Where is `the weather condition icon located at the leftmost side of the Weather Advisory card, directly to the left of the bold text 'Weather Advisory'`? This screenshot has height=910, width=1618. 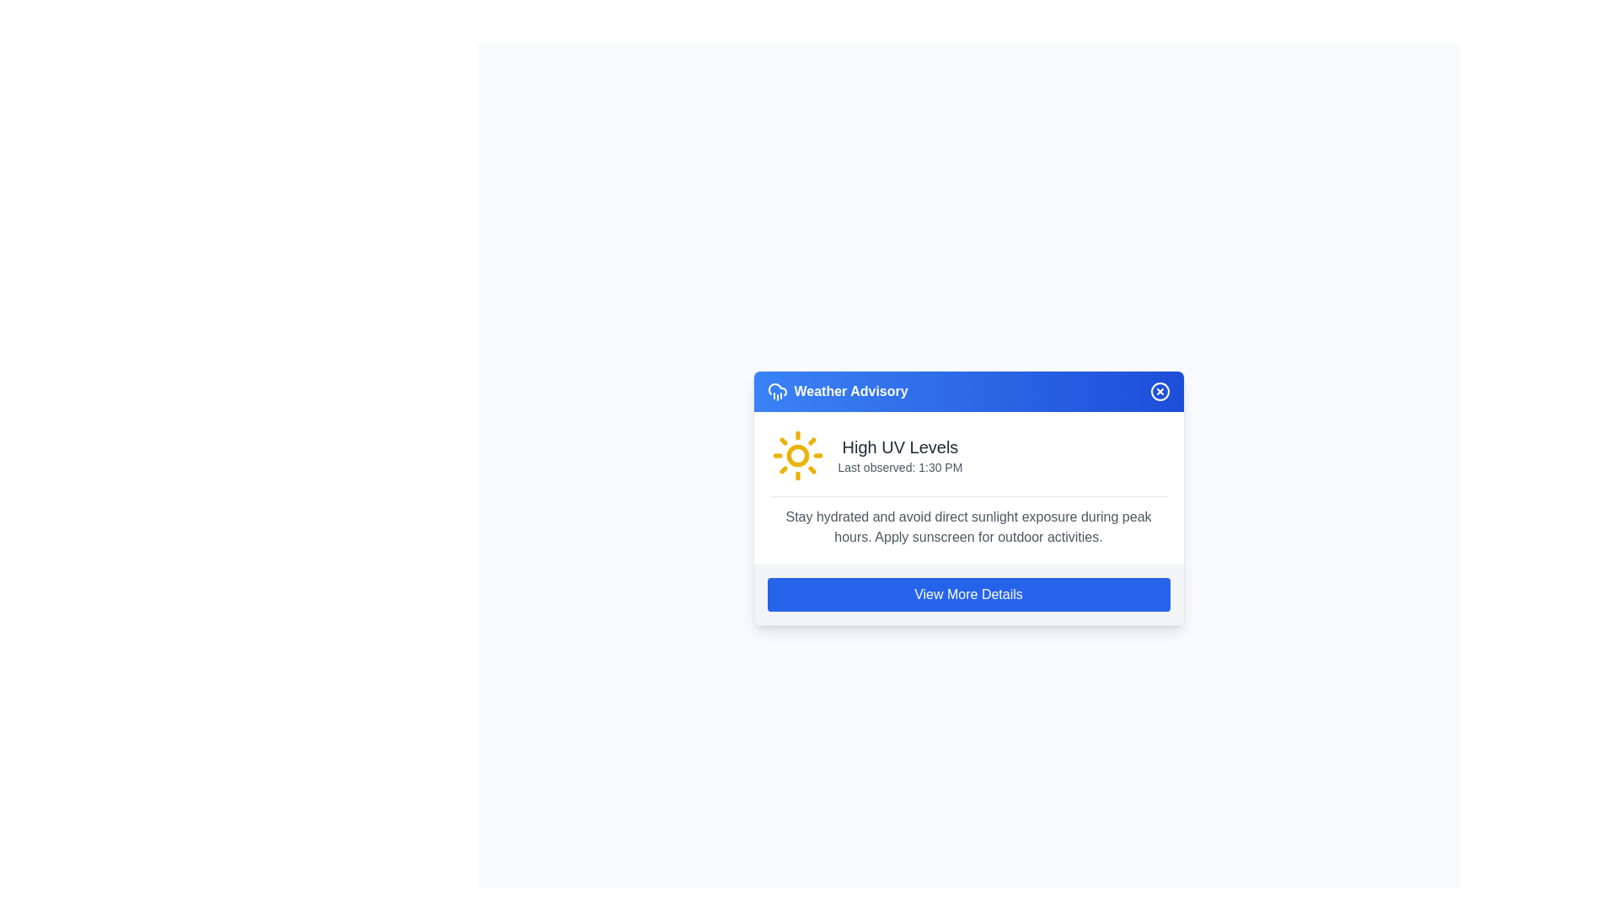
the weather condition icon located at the leftmost side of the Weather Advisory card, directly to the left of the bold text 'Weather Advisory' is located at coordinates (776, 391).